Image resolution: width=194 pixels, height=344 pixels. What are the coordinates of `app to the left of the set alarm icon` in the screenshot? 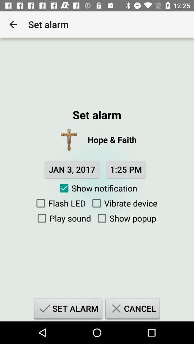 It's located at (13, 24).